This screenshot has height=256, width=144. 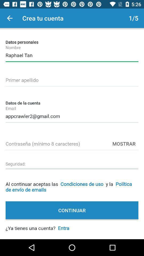 What do you see at coordinates (72, 115) in the screenshot?
I see `the item below datos de la` at bounding box center [72, 115].